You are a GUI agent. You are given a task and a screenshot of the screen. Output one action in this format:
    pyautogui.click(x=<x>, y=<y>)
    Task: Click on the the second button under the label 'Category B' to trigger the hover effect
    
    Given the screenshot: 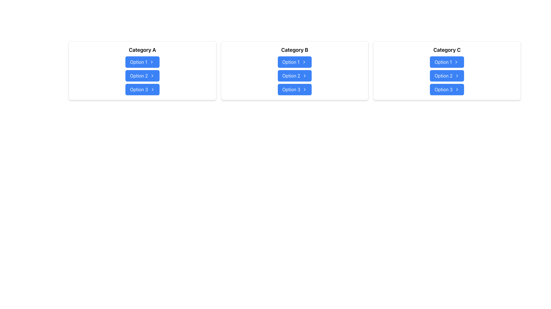 What is the action you would take?
    pyautogui.click(x=295, y=76)
    